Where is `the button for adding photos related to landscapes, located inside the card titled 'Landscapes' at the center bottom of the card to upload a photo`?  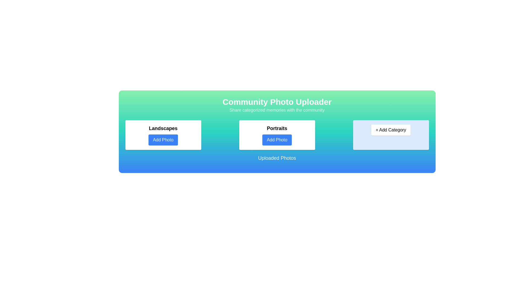
the button for adding photos related to landscapes, located inside the card titled 'Landscapes' at the center bottom of the card to upload a photo is located at coordinates (163, 140).